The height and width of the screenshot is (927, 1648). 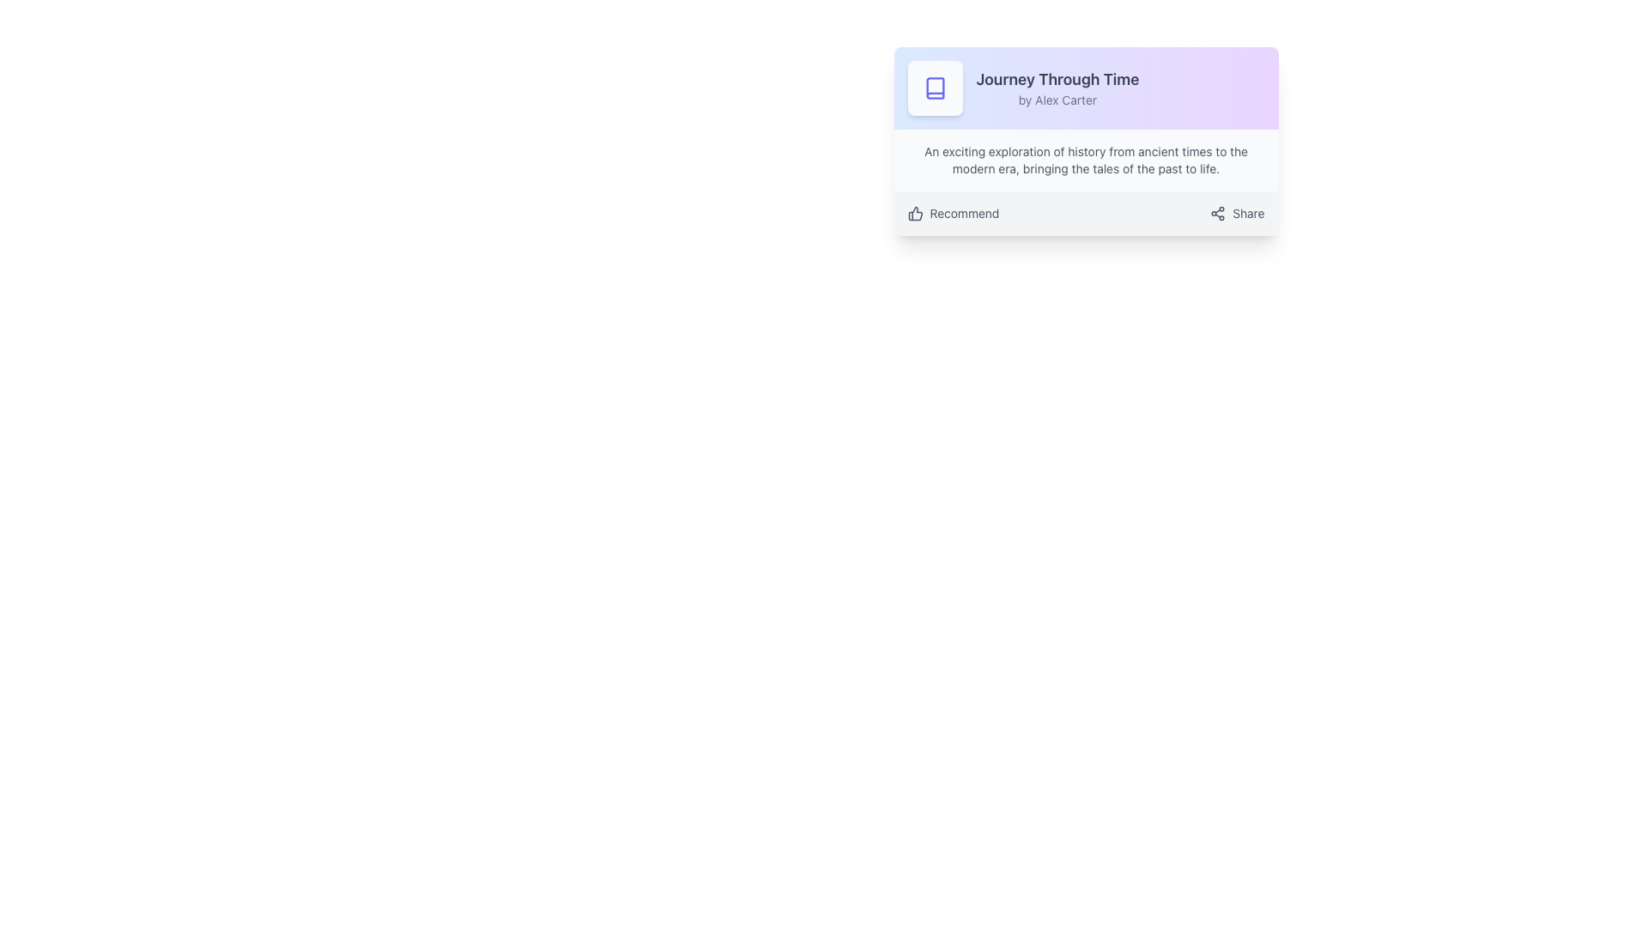 What do you see at coordinates (1085, 88) in the screenshot?
I see `the center of the informational display panel titled 'Journey Through Time' for potential interactions` at bounding box center [1085, 88].